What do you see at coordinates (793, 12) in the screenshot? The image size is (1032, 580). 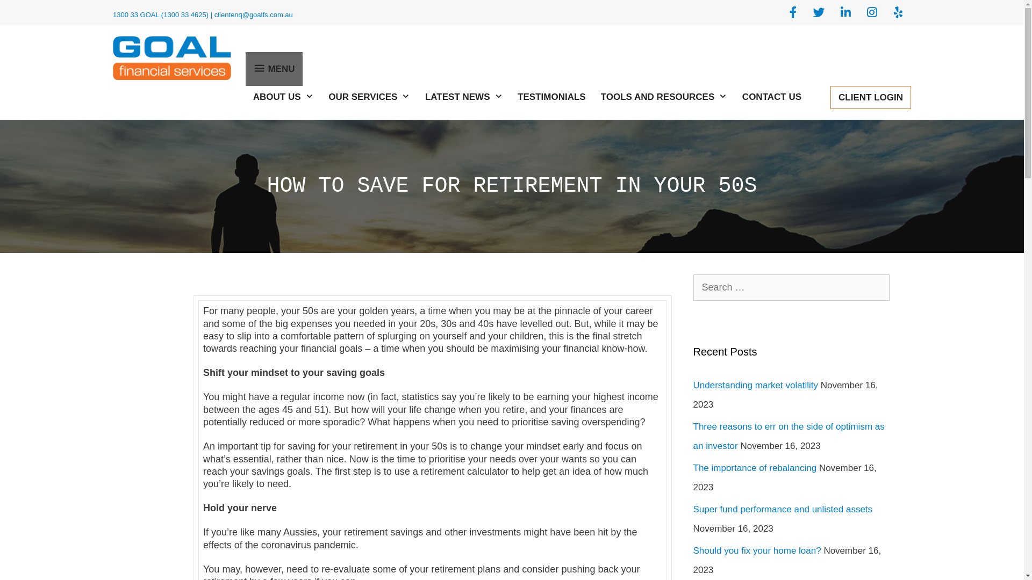 I see `'Goal Financial Services on Facebook'` at bounding box center [793, 12].